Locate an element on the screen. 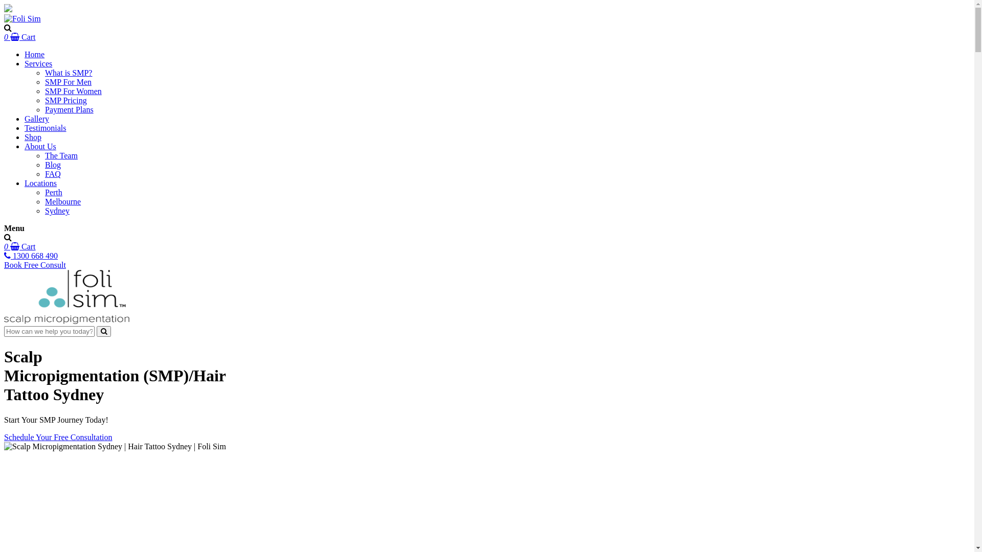 The image size is (982, 552). '0 Cart' is located at coordinates (19, 246).